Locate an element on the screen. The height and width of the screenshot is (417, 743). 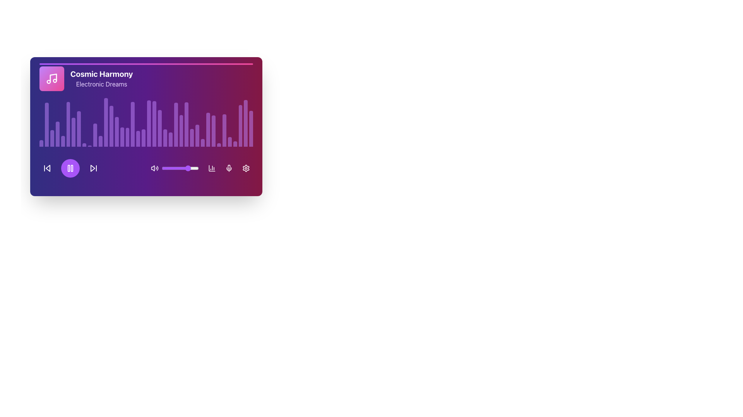
the pause button icon, which consists of two vertical bars on a purple circular background, located near the center bottom of the music player interface is located at coordinates (70, 168).